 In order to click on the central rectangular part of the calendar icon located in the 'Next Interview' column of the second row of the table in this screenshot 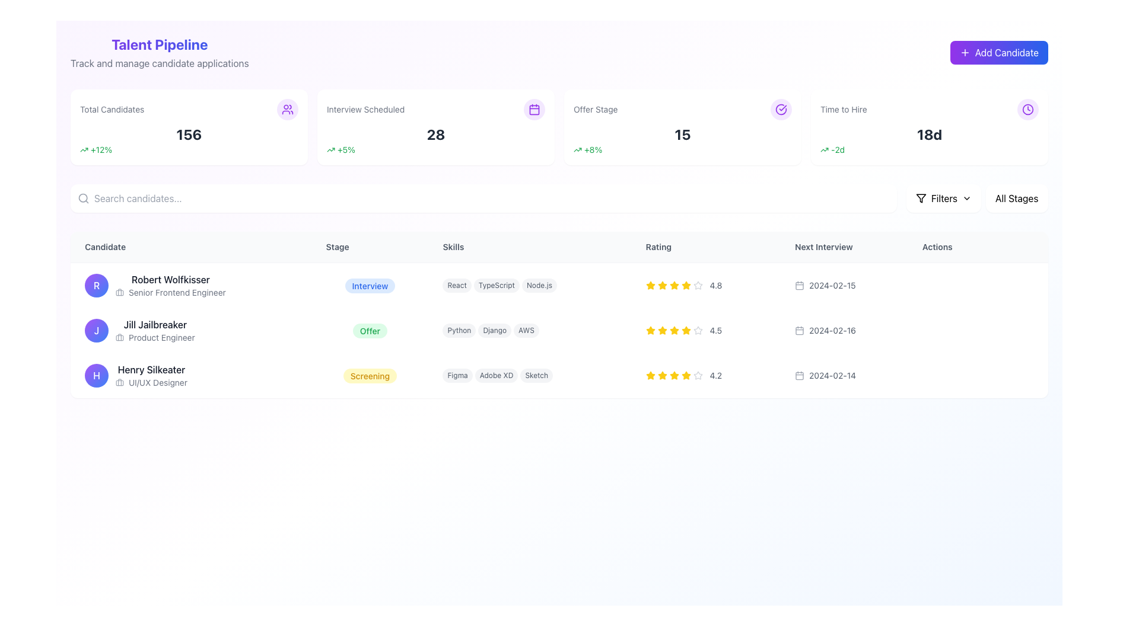, I will do `click(800, 331)`.